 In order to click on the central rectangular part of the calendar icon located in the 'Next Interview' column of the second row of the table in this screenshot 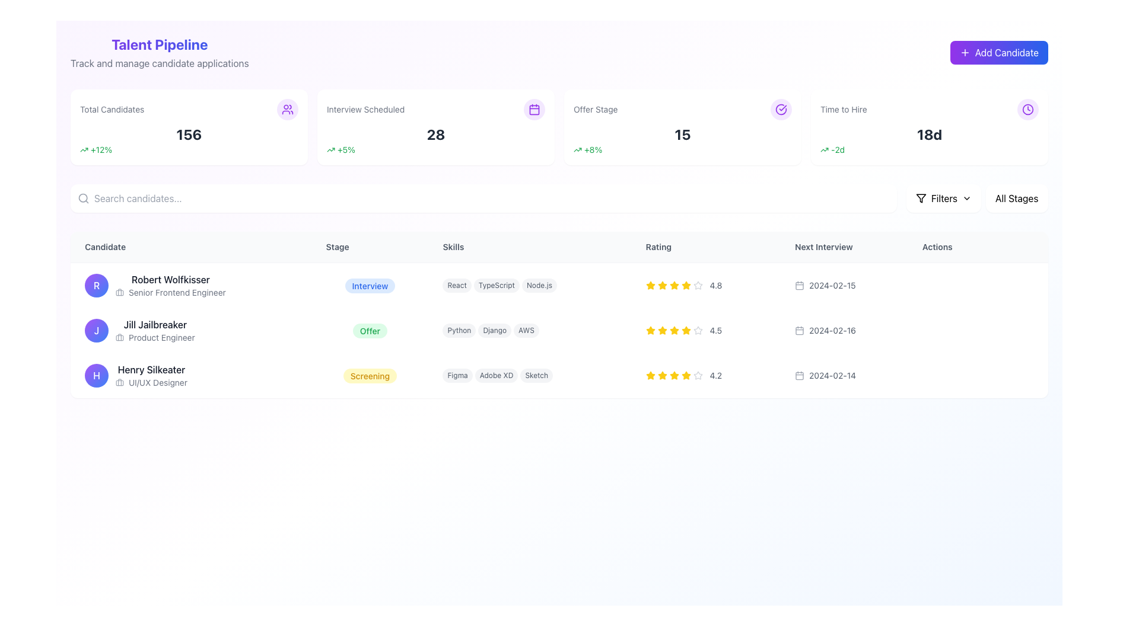, I will do `click(800, 331)`.